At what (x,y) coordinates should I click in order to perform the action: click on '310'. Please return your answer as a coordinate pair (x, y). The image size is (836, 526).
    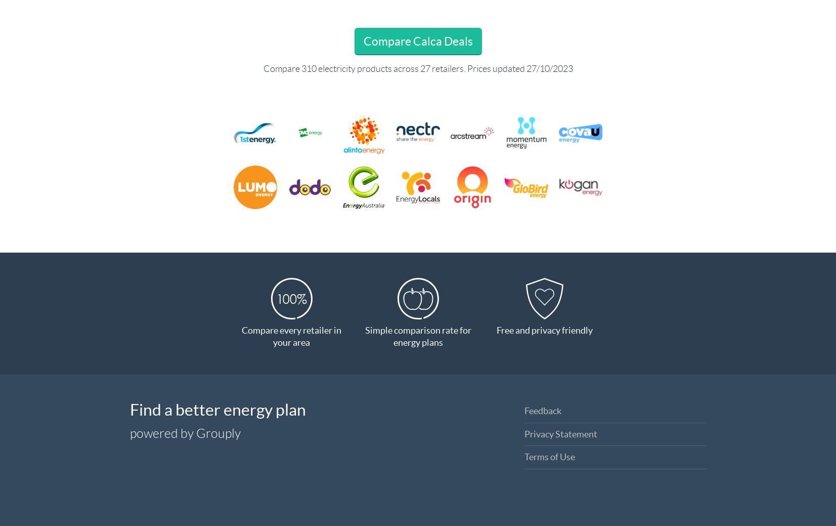
    Looking at the image, I should click on (300, 68).